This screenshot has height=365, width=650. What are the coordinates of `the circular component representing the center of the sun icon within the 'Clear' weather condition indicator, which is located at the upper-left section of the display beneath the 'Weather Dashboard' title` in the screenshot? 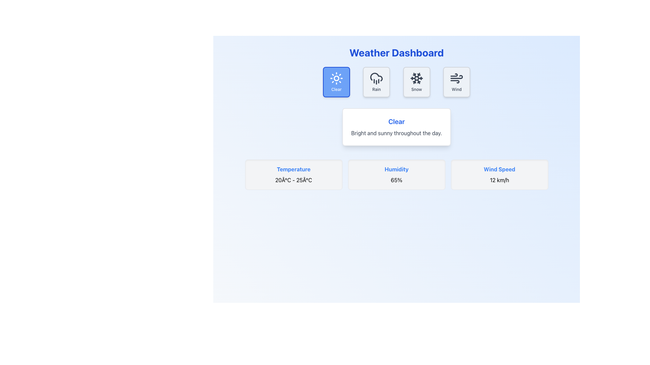 It's located at (336, 78).